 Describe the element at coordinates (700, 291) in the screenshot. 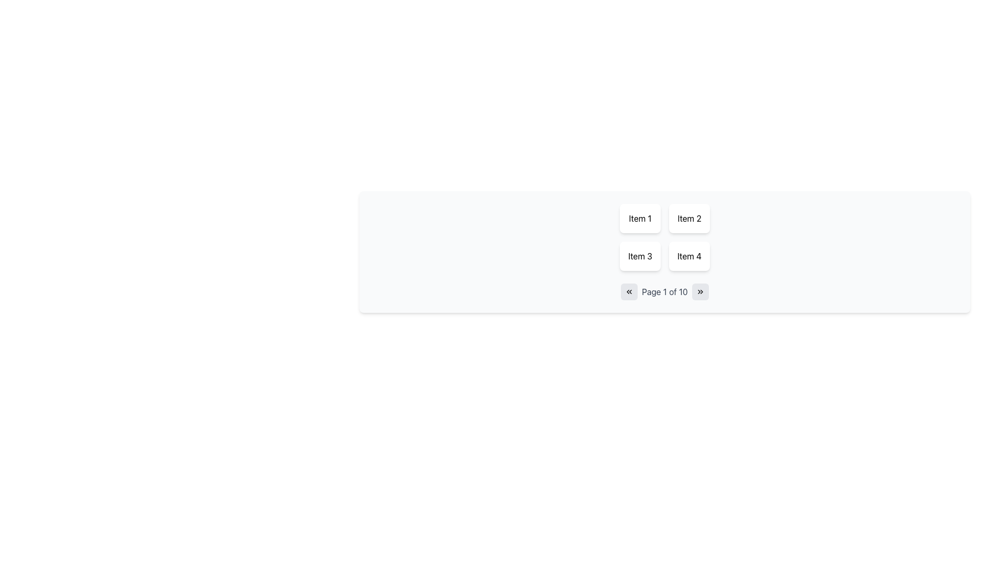

I see `the navigation button to proceed to the next page, located at the far right of the pagination controls, next to the page number display` at that location.